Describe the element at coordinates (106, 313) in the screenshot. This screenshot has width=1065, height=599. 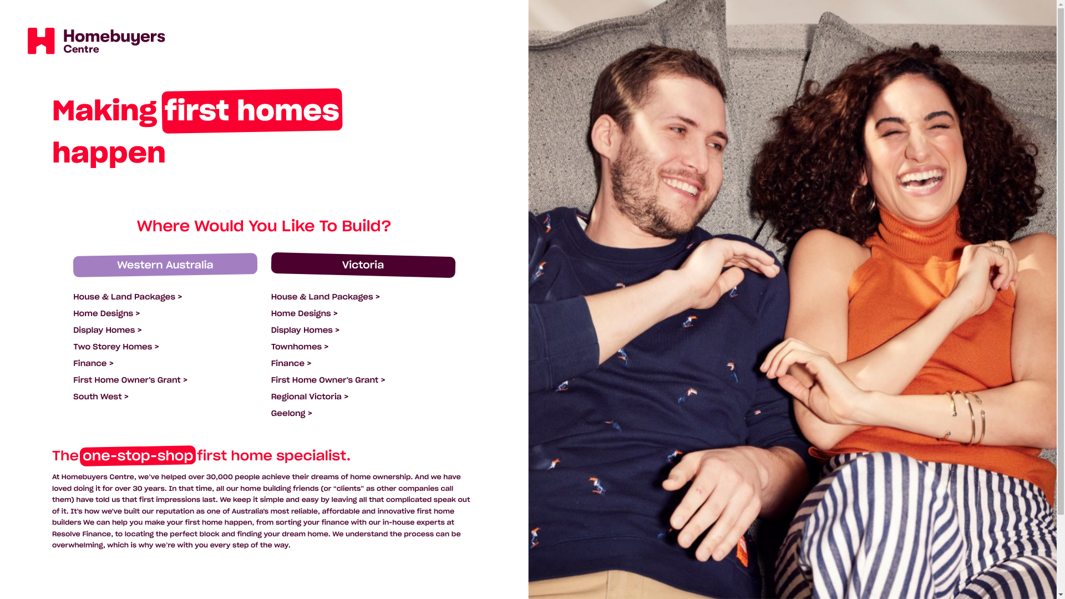
I see `'Home Designs >'` at that location.